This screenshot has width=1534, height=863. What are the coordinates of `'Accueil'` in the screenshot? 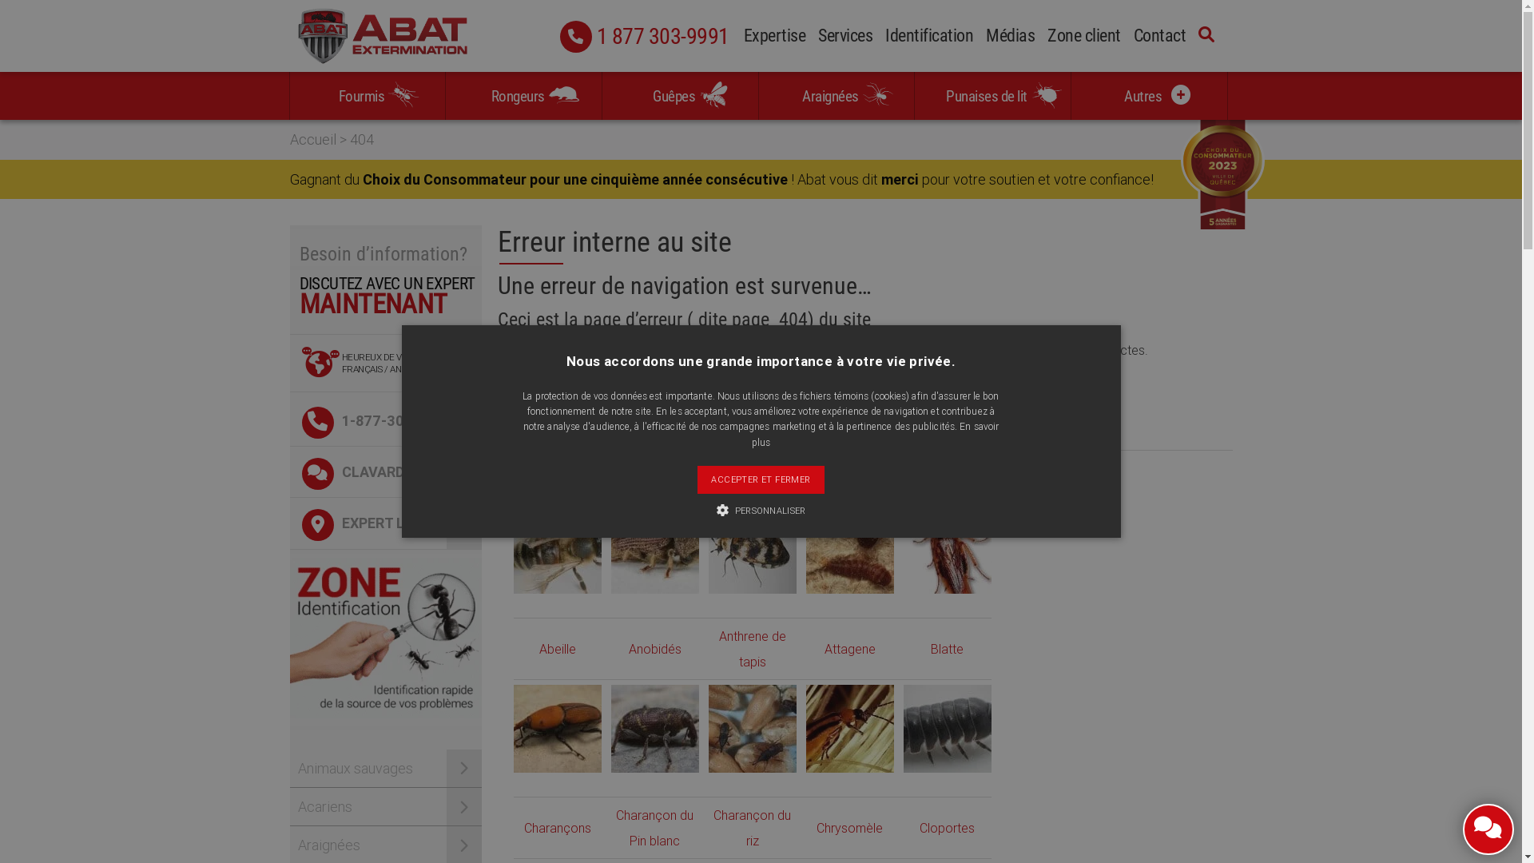 It's located at (312, 138).